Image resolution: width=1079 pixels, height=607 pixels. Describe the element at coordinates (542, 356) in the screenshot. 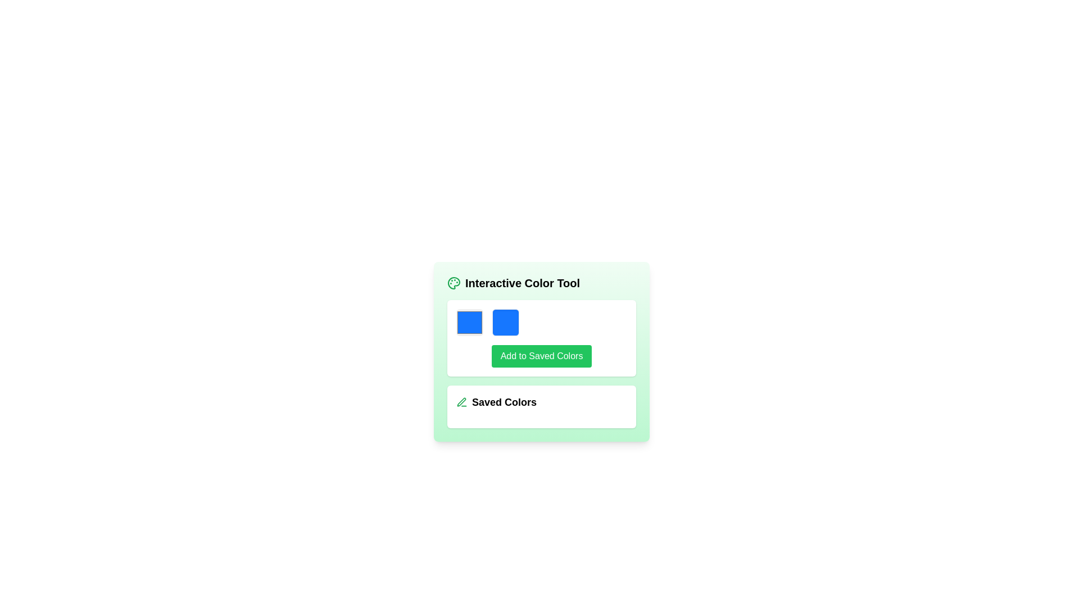

I see `the 'Save Color' button located in the bottom-central area of the 'Interactive Color Tool' section` at that location.